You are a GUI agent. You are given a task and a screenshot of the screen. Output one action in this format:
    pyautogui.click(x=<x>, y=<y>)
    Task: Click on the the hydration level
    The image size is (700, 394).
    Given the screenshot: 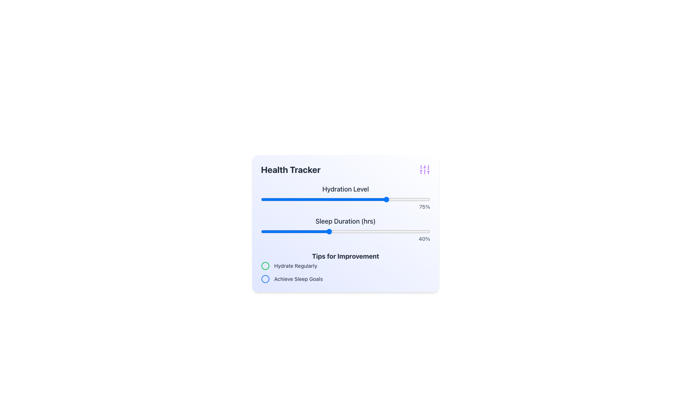 What is the action you would take?
    pyautogui.click(x=335, y=200)
    